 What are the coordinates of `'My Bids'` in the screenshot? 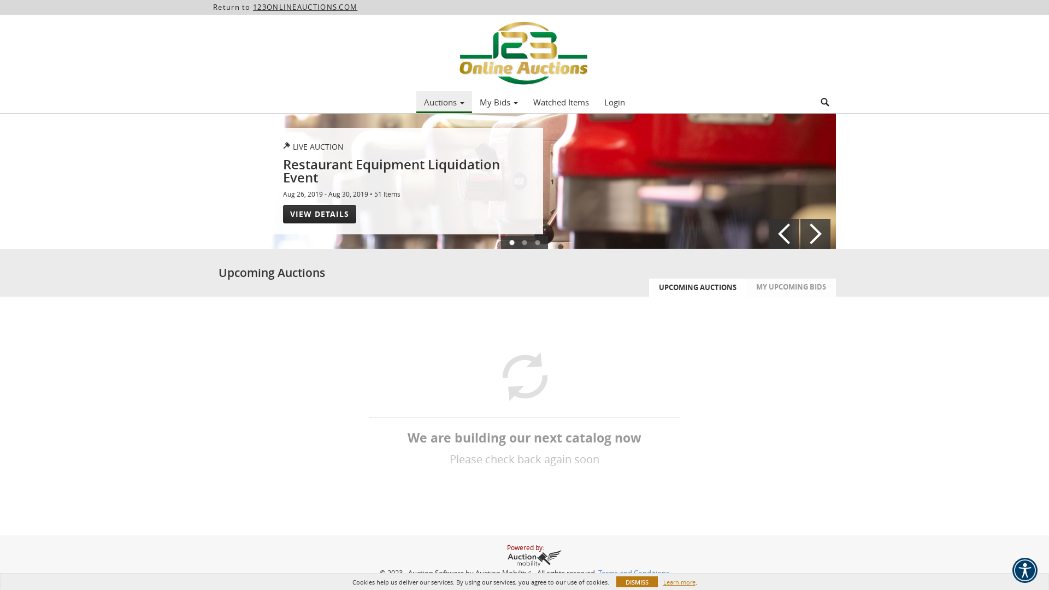 It's located at (498, 102).